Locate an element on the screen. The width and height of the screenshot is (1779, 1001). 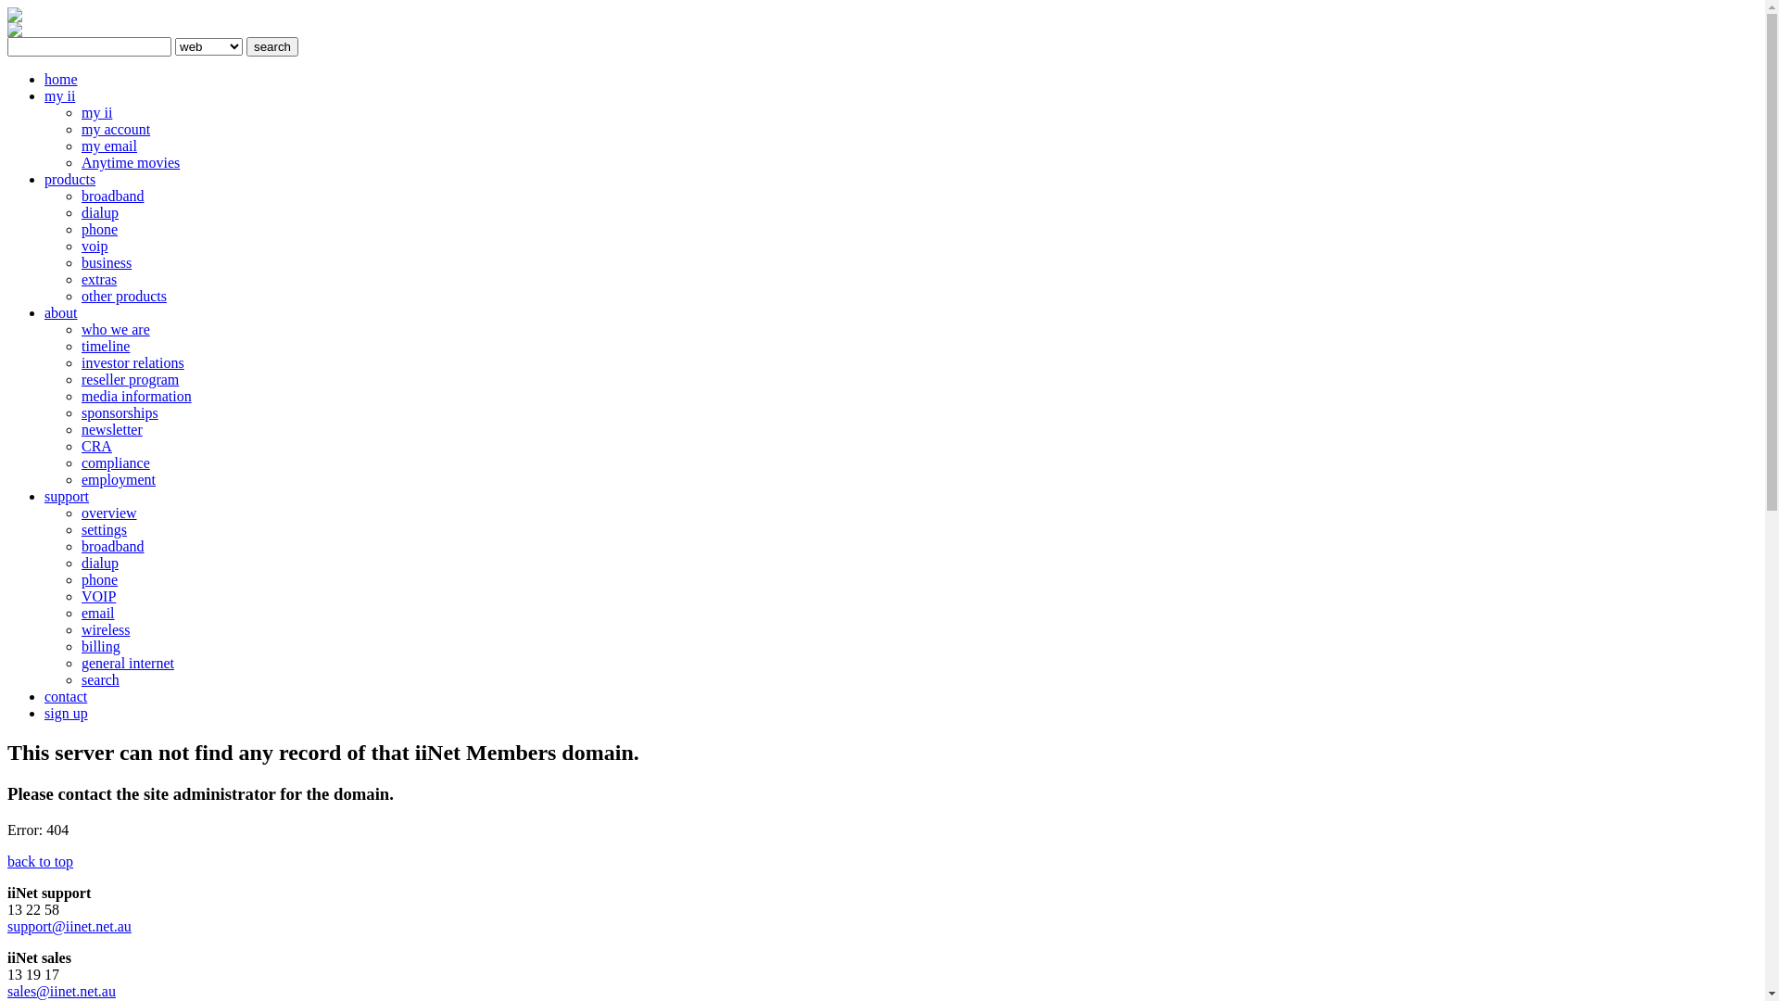
'sign up' is located at coordinates (44, 712).